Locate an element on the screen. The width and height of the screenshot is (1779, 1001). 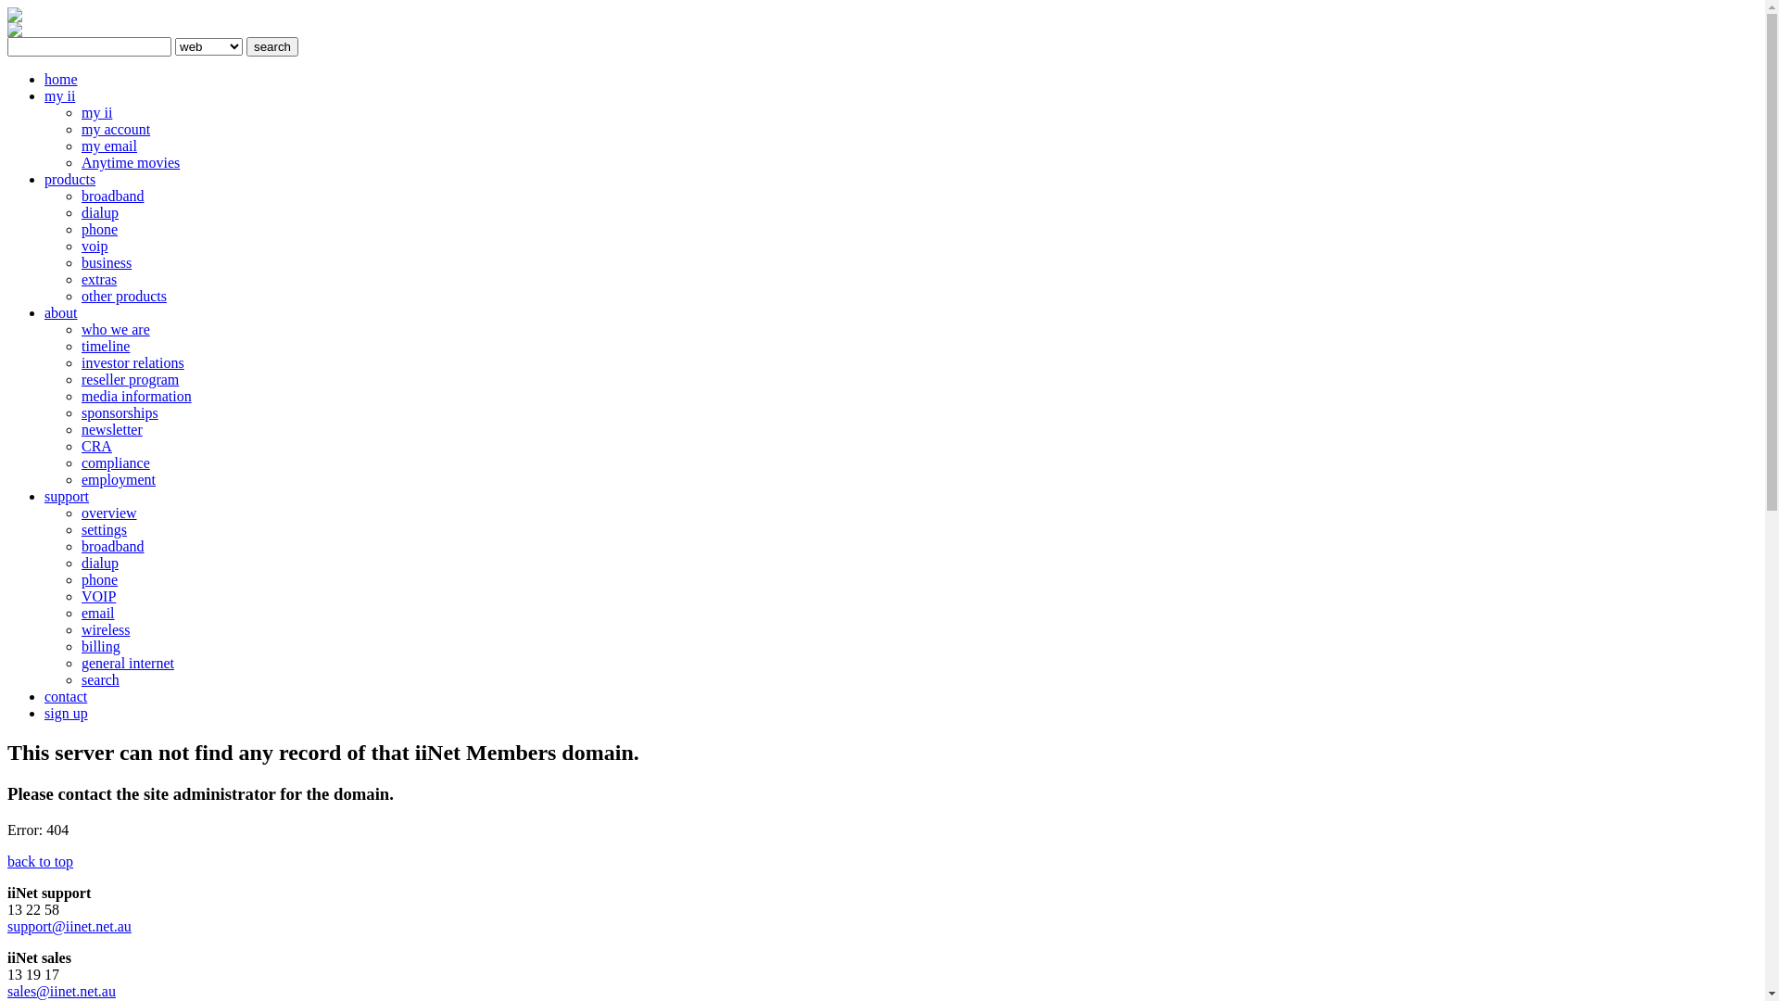
'sign up' is located at coordinates (44, 712).